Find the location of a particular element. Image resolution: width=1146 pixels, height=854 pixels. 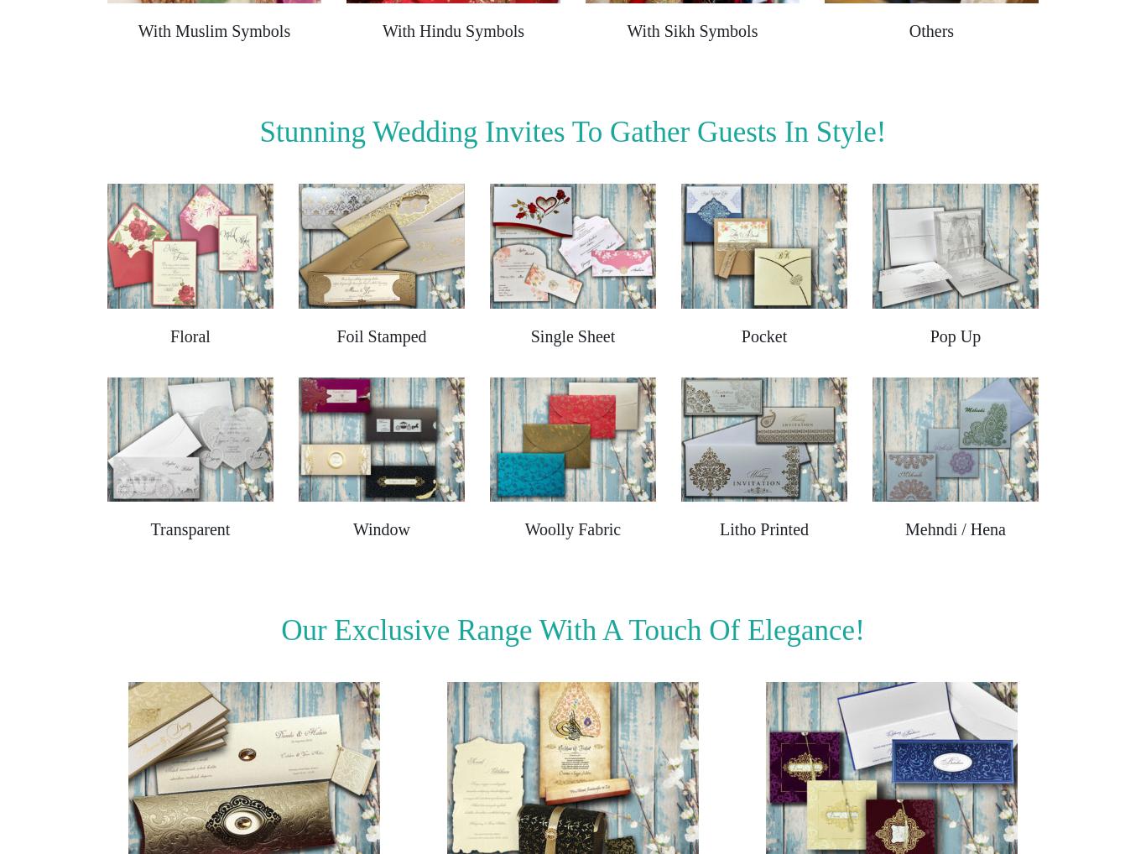

'Single Sheet' is located at coordinates (571, 335).